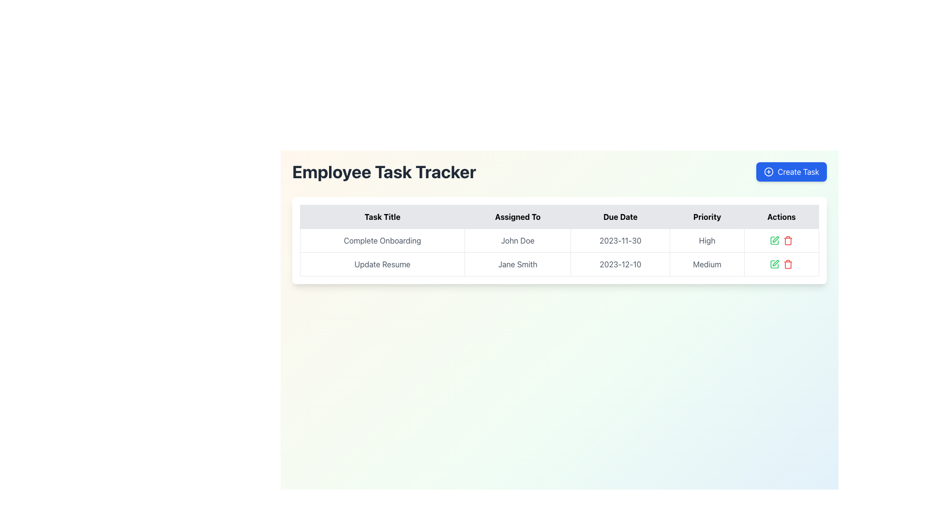 The width and height of the screenshot is (929, 523). What do you see at coordinates (781, 216) in the screenshot?
I see `the fifth column header in the table, which indicates task-related actions and is positioned to the right of the 'Priority' column` at bounding box center [781, 216].